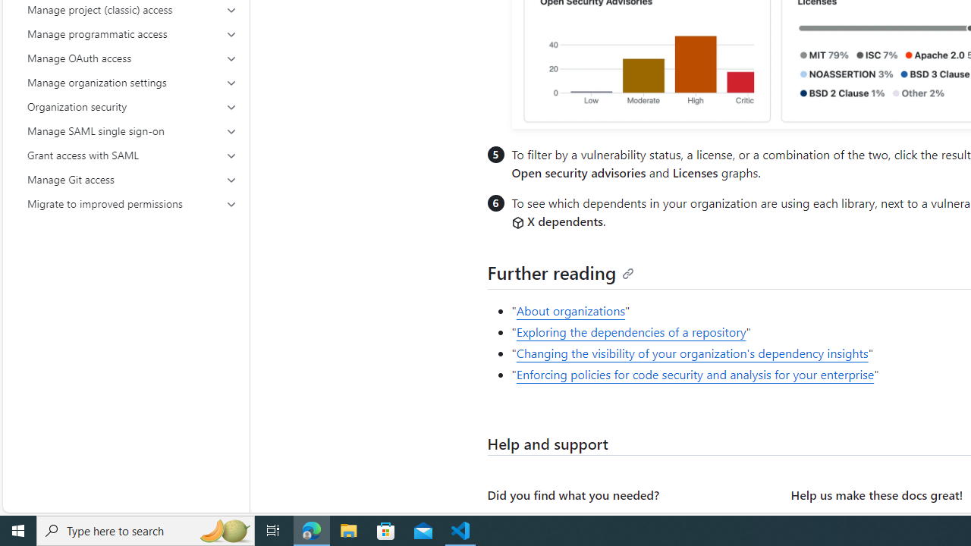 This screenshot has height=546, width=971. I want to click on 'About organizations', so click(570, 310).